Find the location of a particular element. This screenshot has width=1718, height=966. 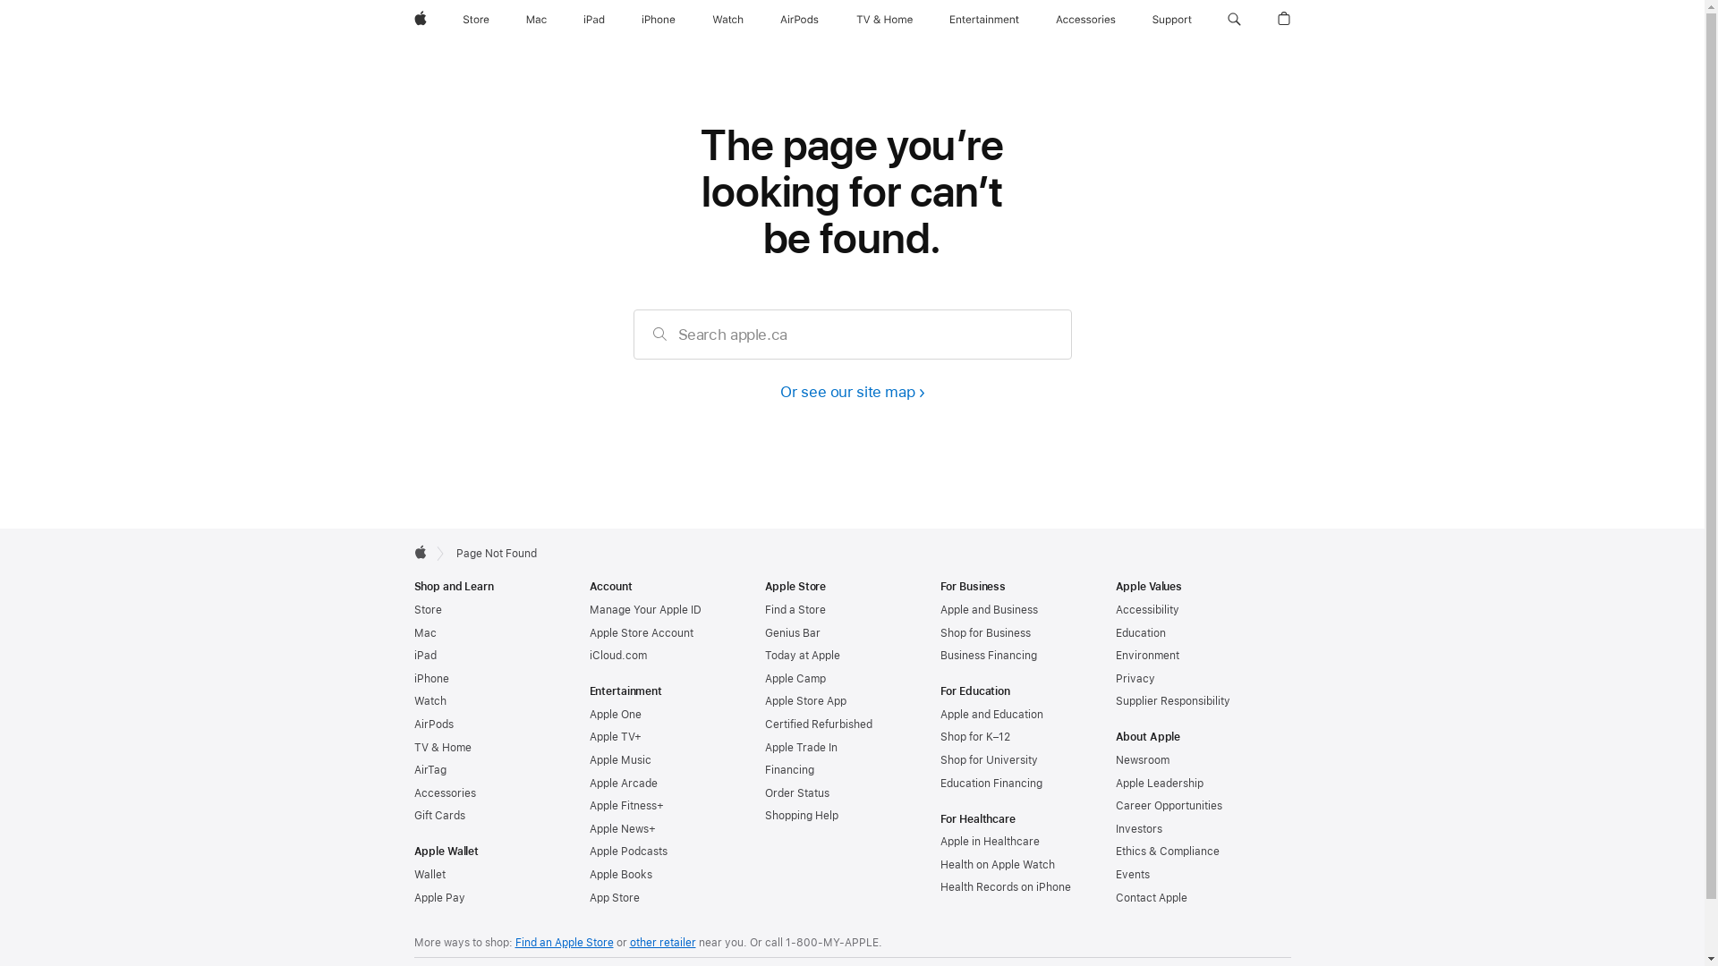

'Apple Store Account' is located at coordinates (640, 632).